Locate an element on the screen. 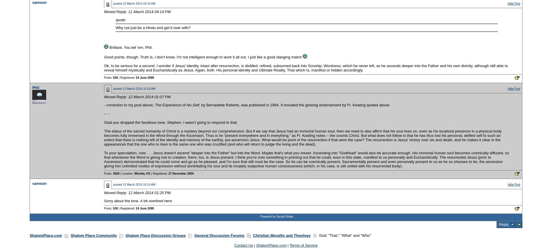 The height and width of the screenshot is (249, 552). '.' is located at coordinates (307, 57).